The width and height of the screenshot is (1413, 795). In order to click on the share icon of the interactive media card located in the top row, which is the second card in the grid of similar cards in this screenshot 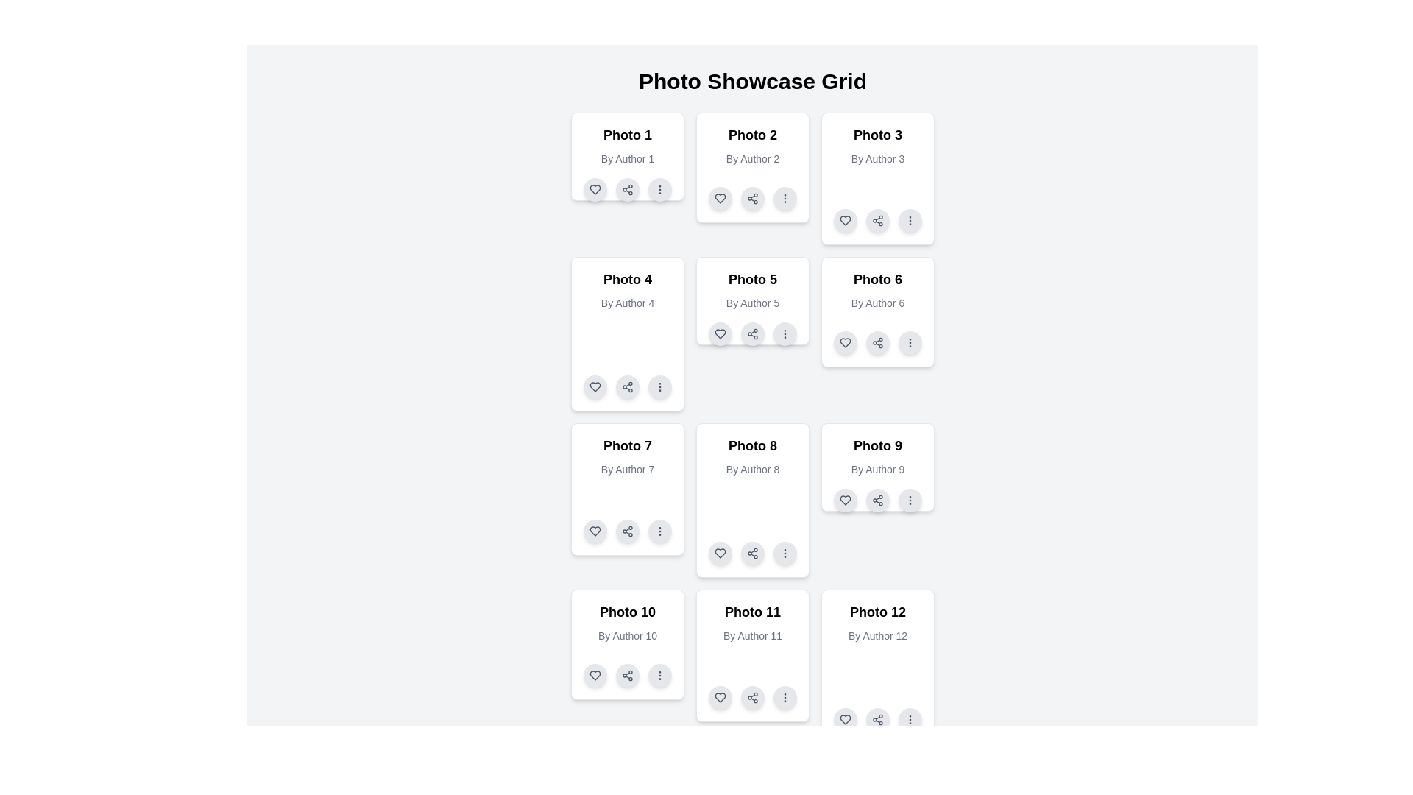, I will do `click(752, 166)`.